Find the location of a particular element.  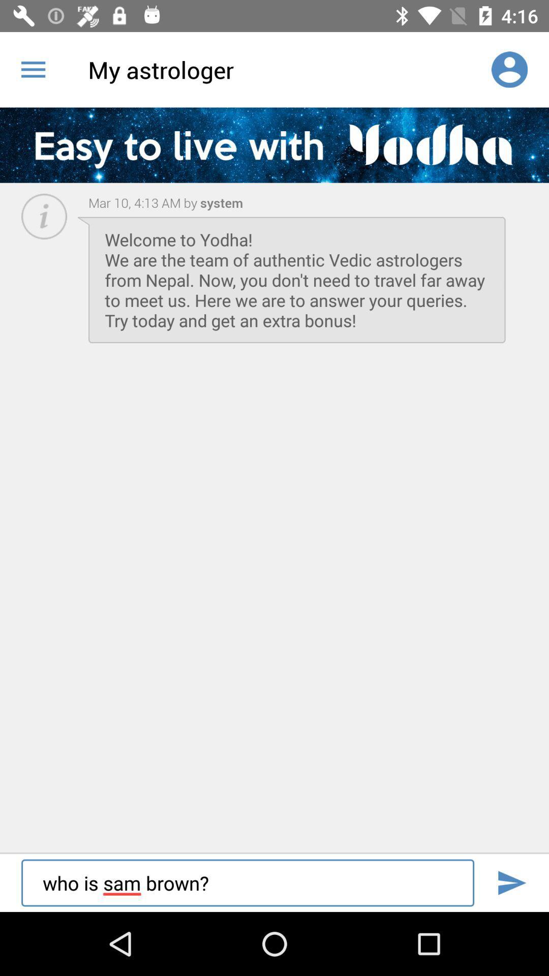

who is sam item is located at coordinates (248, 882).